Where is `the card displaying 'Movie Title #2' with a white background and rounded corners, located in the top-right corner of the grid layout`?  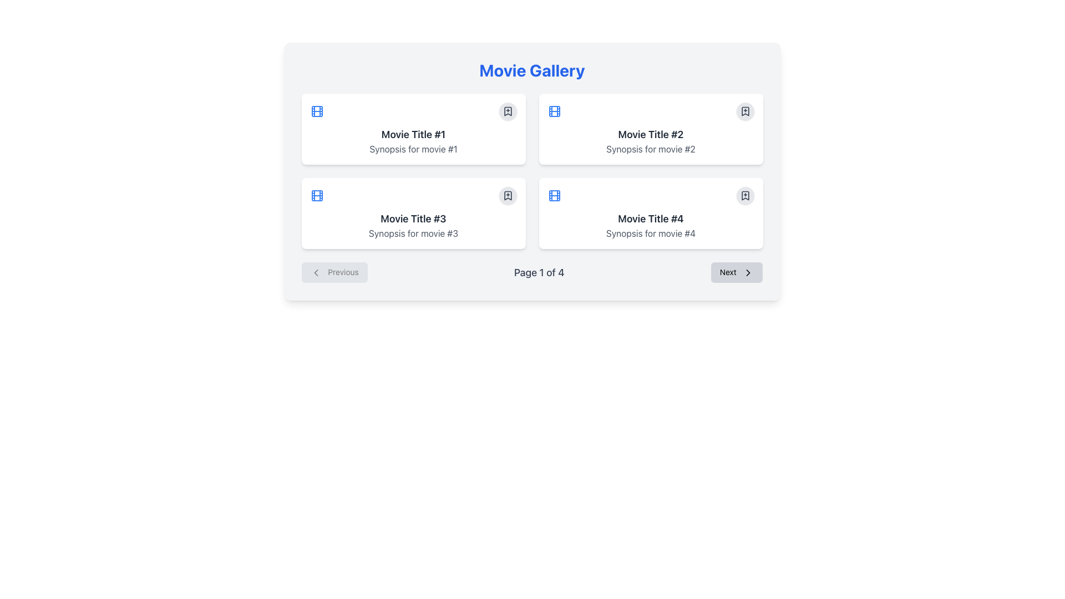
the card displaying 'Movie Title #2' with a white background and rounded corners, located in the top-right corner of the grid layout is located at coordinates (651, 128).